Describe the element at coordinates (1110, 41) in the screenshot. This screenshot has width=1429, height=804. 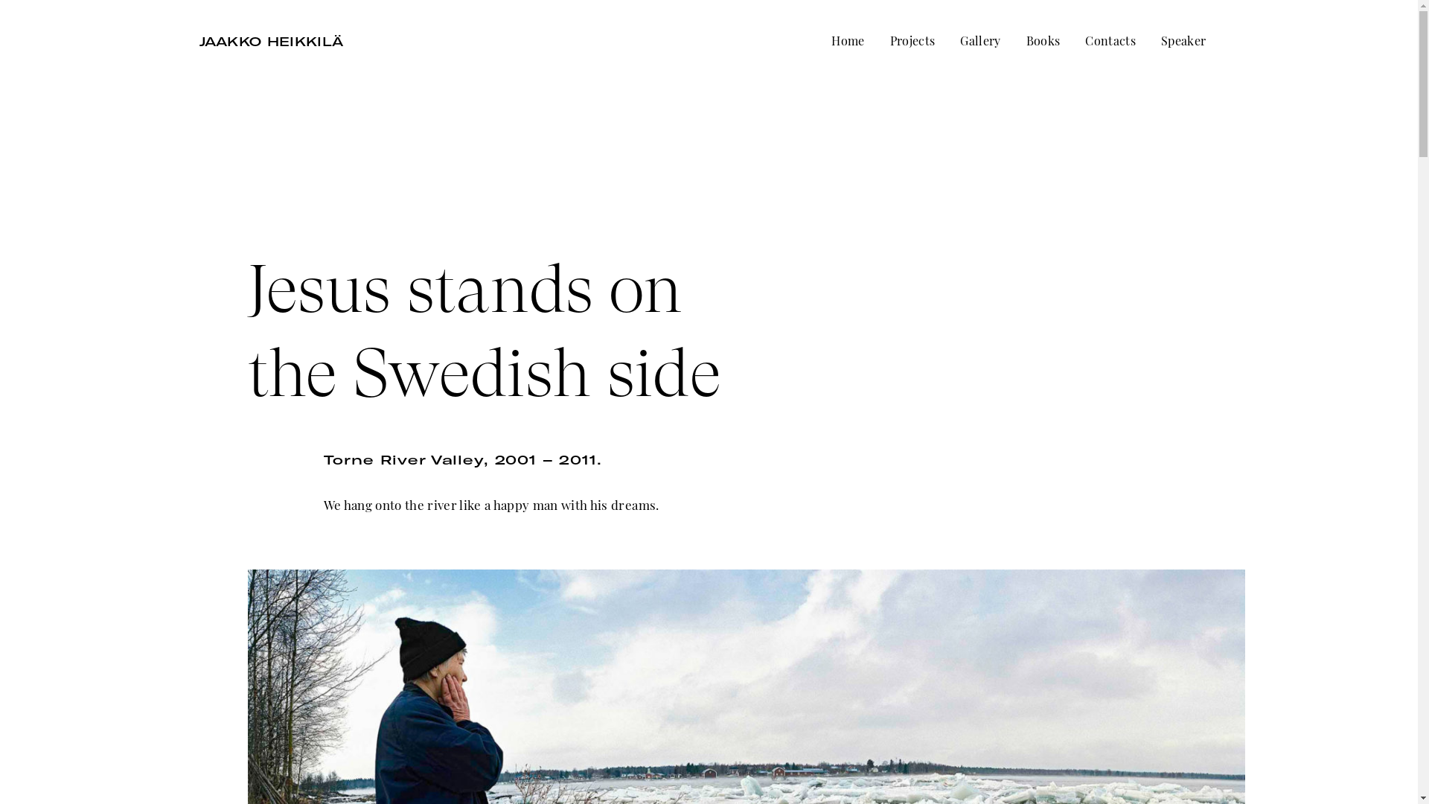
I see `'Contacts'` at that location.